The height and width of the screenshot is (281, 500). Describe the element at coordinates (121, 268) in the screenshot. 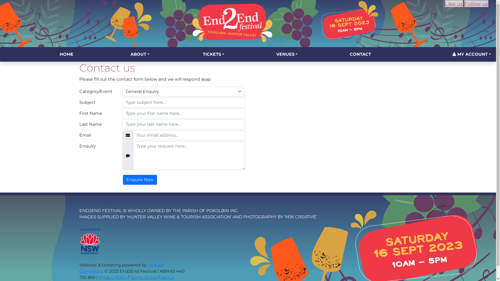

I see `'eMedia Campaigns'` at that location.